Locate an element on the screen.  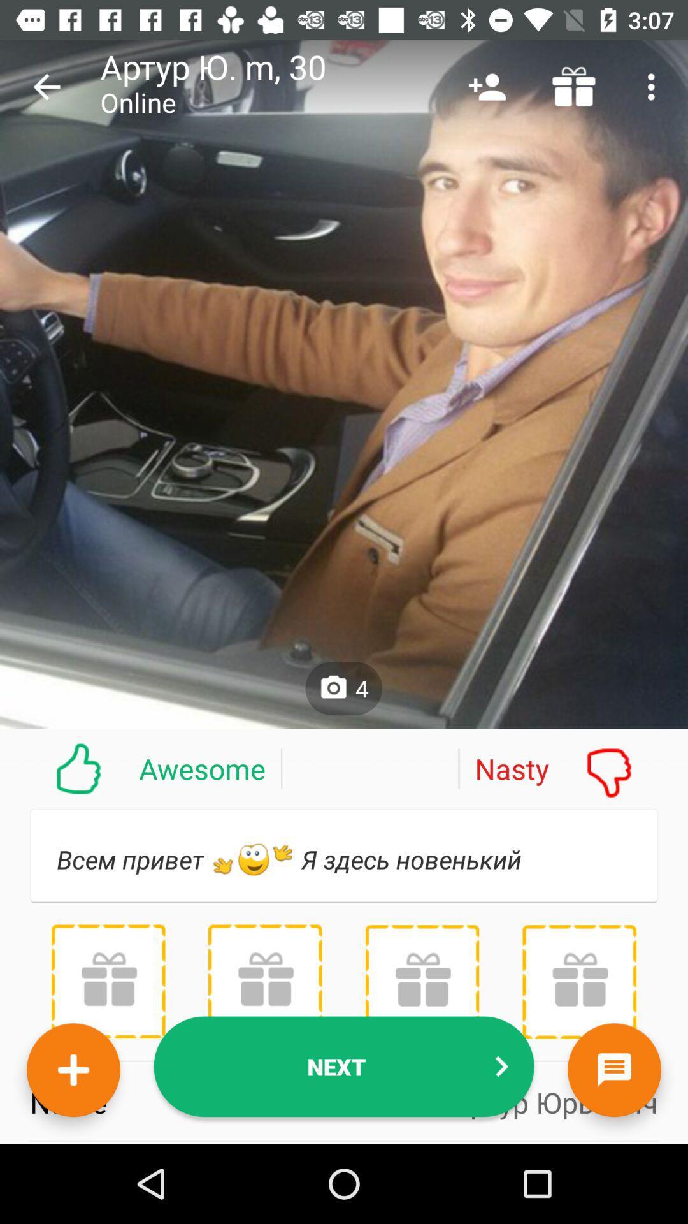
the add icon is located at coordinates (73, 1070).